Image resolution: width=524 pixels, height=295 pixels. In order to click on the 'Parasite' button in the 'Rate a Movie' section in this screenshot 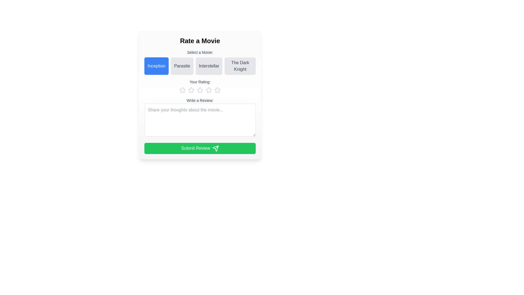, I will do `click(182, 66)`.